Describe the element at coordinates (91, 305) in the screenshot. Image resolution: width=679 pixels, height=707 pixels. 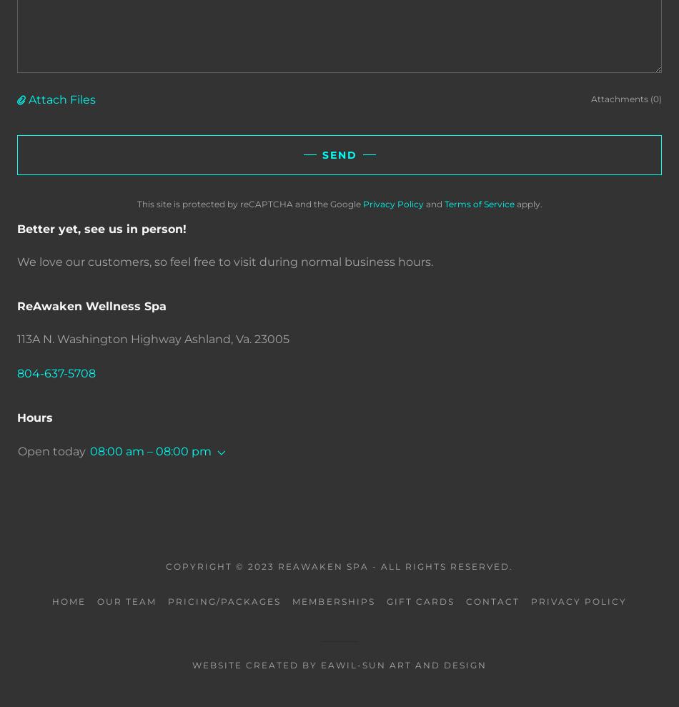
I see `'ReAwaken Wellness  Spa'` at that location.